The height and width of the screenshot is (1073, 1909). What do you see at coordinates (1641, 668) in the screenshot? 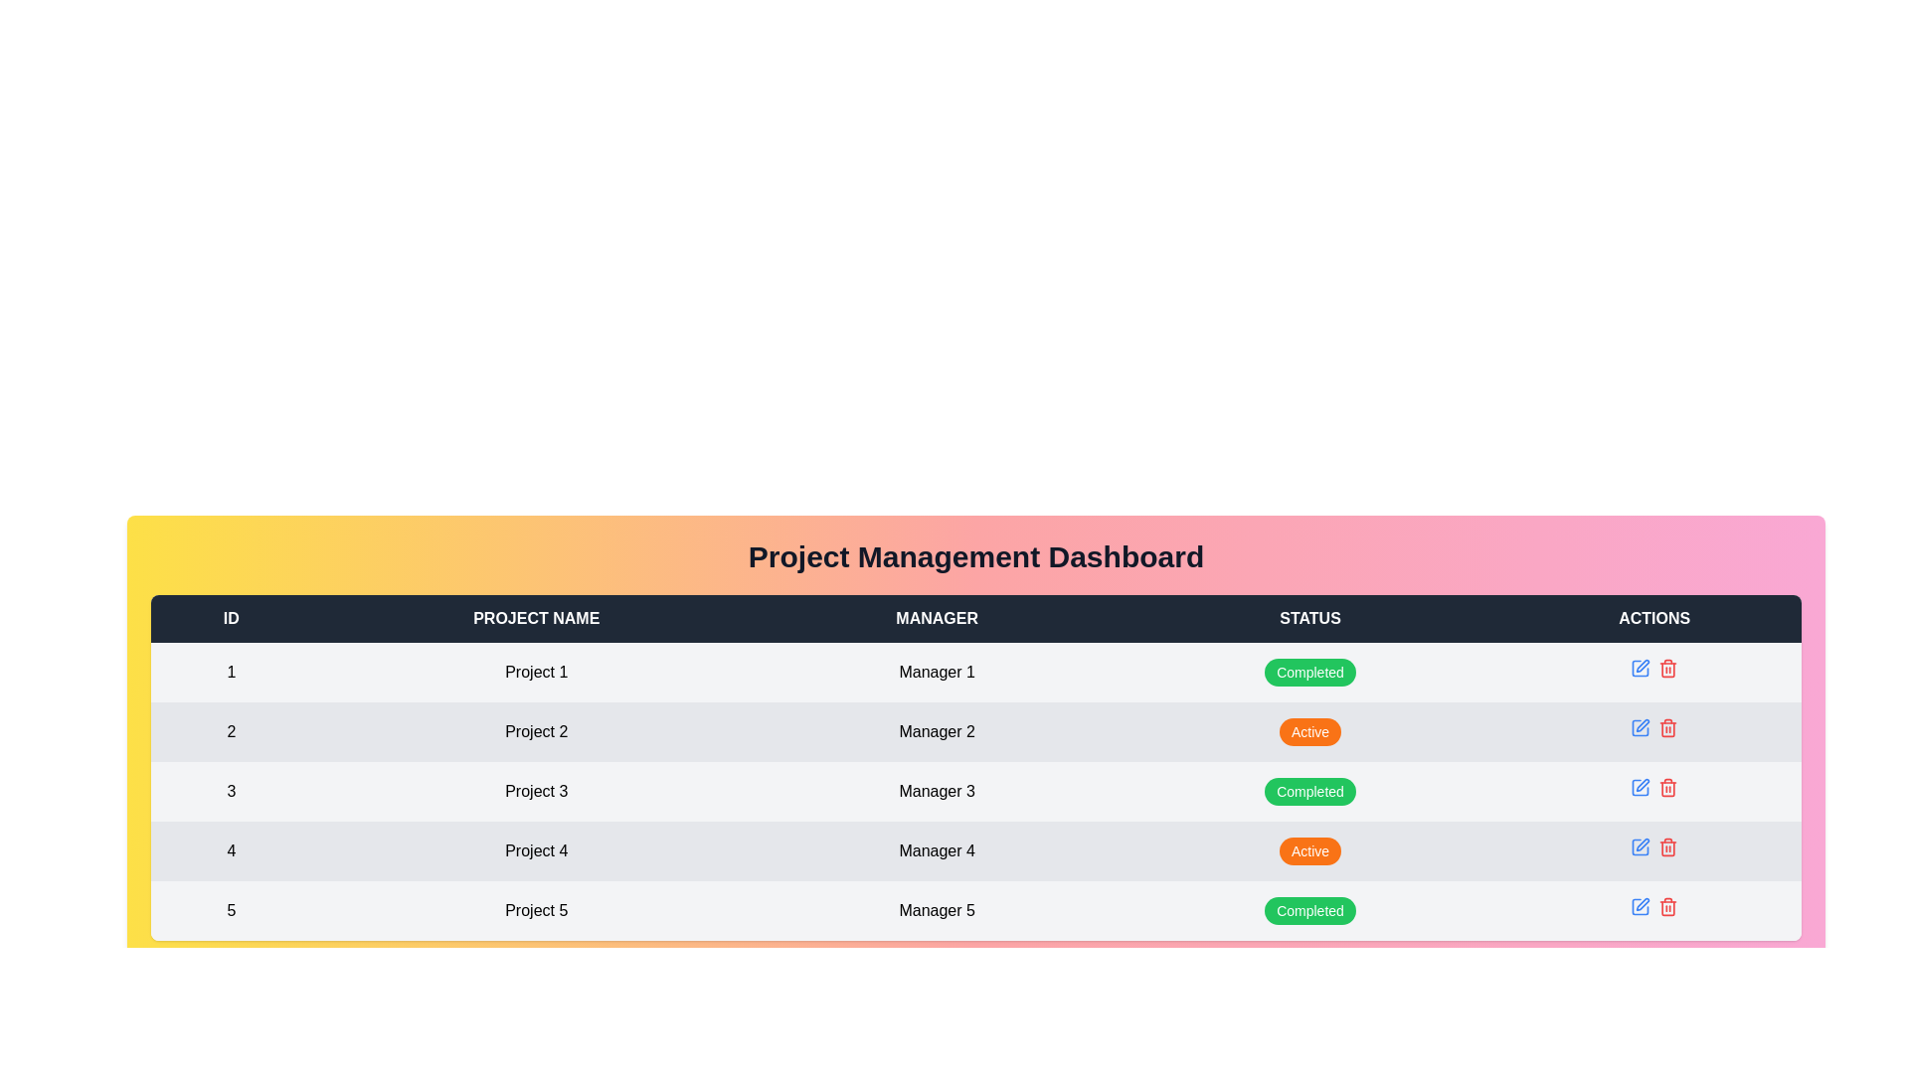
I see `the first Icon button in the Actions column of the table to change its color` at bounding box center [1641, 668].